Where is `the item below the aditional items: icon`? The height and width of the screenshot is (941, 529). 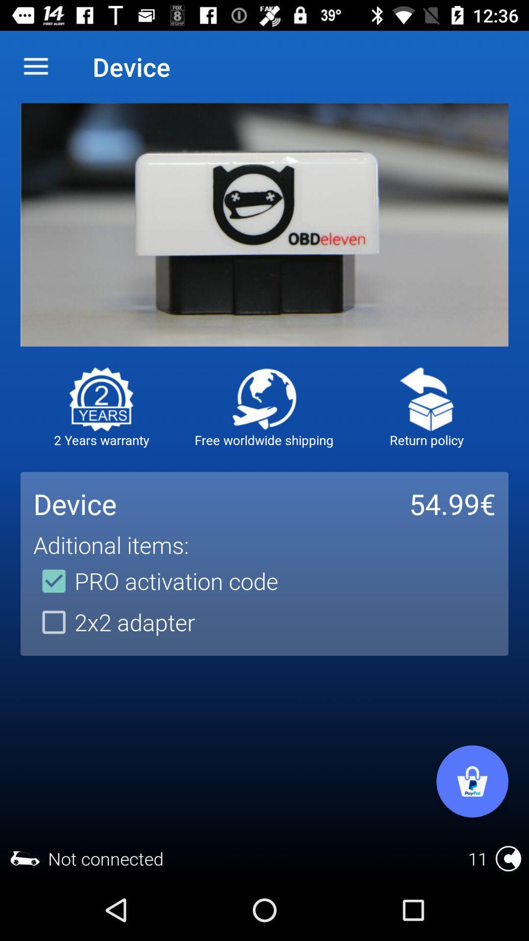
the item below the aditional items: icon is located at coordinates (155, 581).